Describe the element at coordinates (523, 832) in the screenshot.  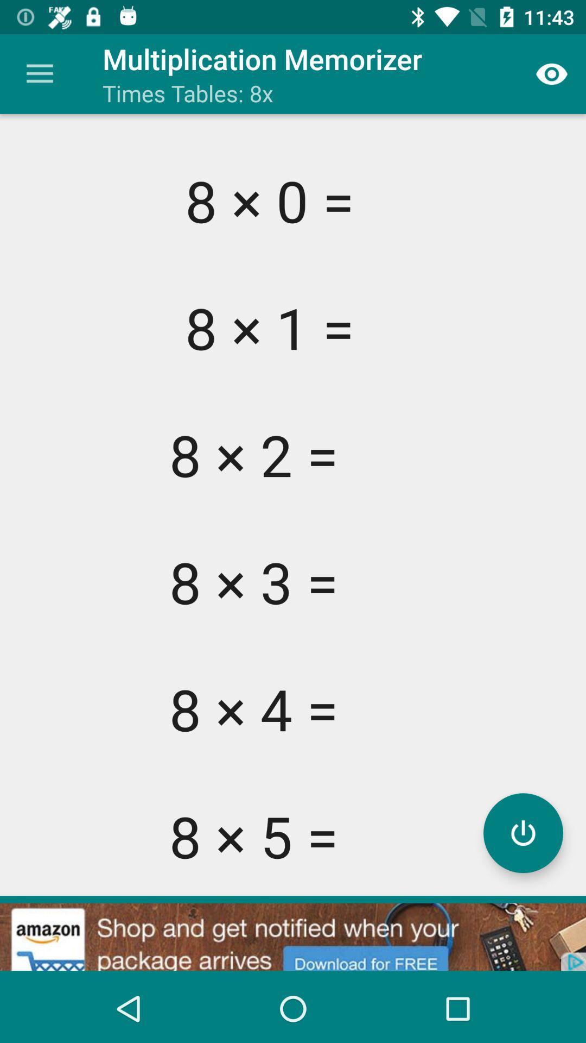
I see `power button` at that location.